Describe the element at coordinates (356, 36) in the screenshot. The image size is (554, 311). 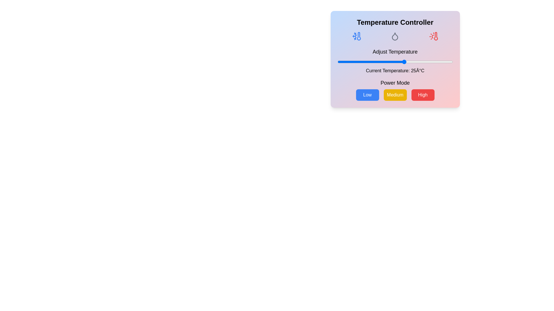
I see `the ThermometerSnowflake to interact with it and receive visual feedback` at that location.